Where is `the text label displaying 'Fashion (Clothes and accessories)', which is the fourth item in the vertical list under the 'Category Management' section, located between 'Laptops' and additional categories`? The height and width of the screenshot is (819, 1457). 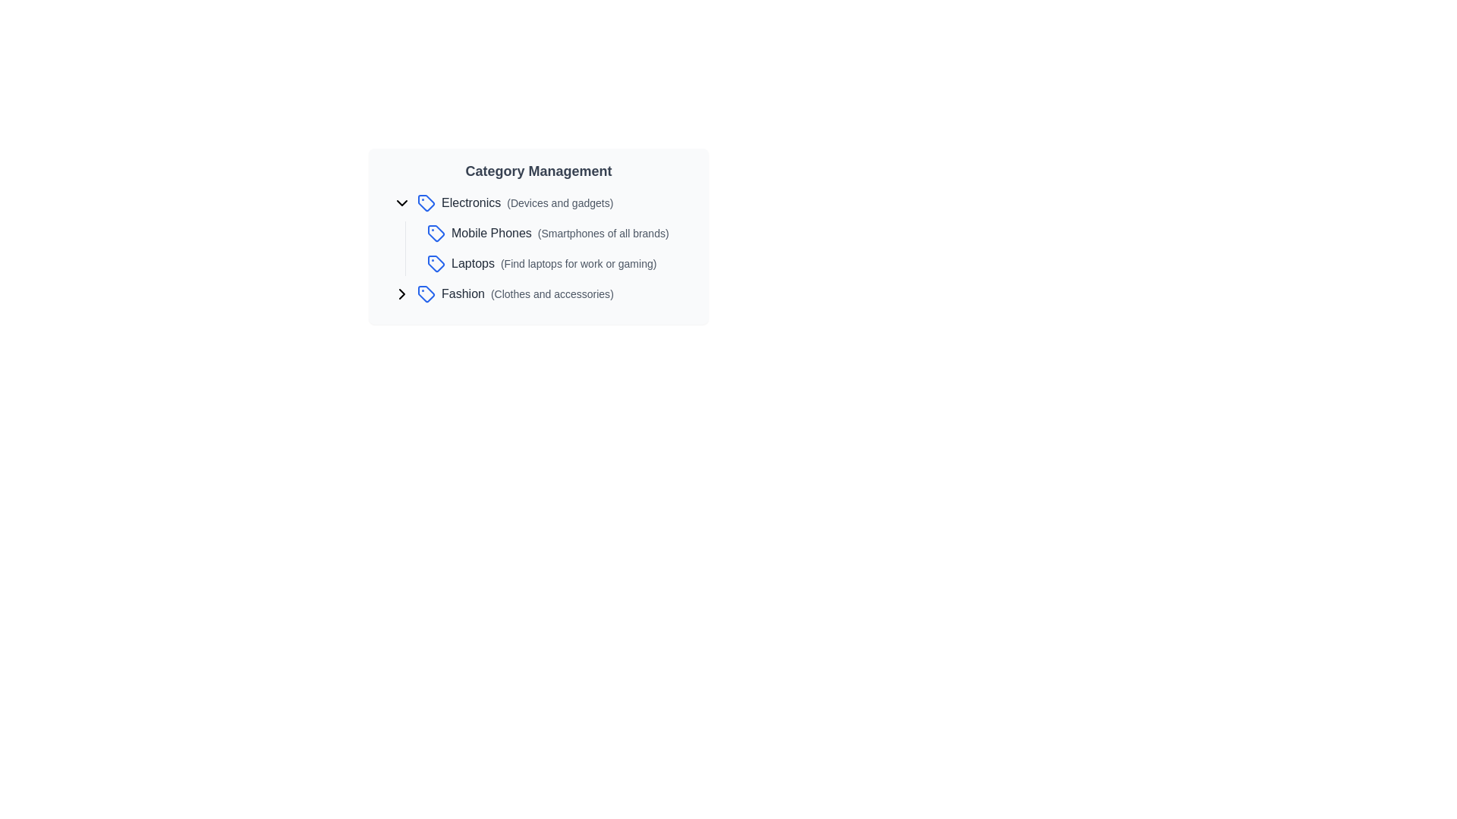 the text label displaying 'Fashion (Clothes and accessories)', which is the fourth item in the vertical list under the 'Category Management' section, located between 'Laptops' and additional categories is located at coordinates (527, 294).